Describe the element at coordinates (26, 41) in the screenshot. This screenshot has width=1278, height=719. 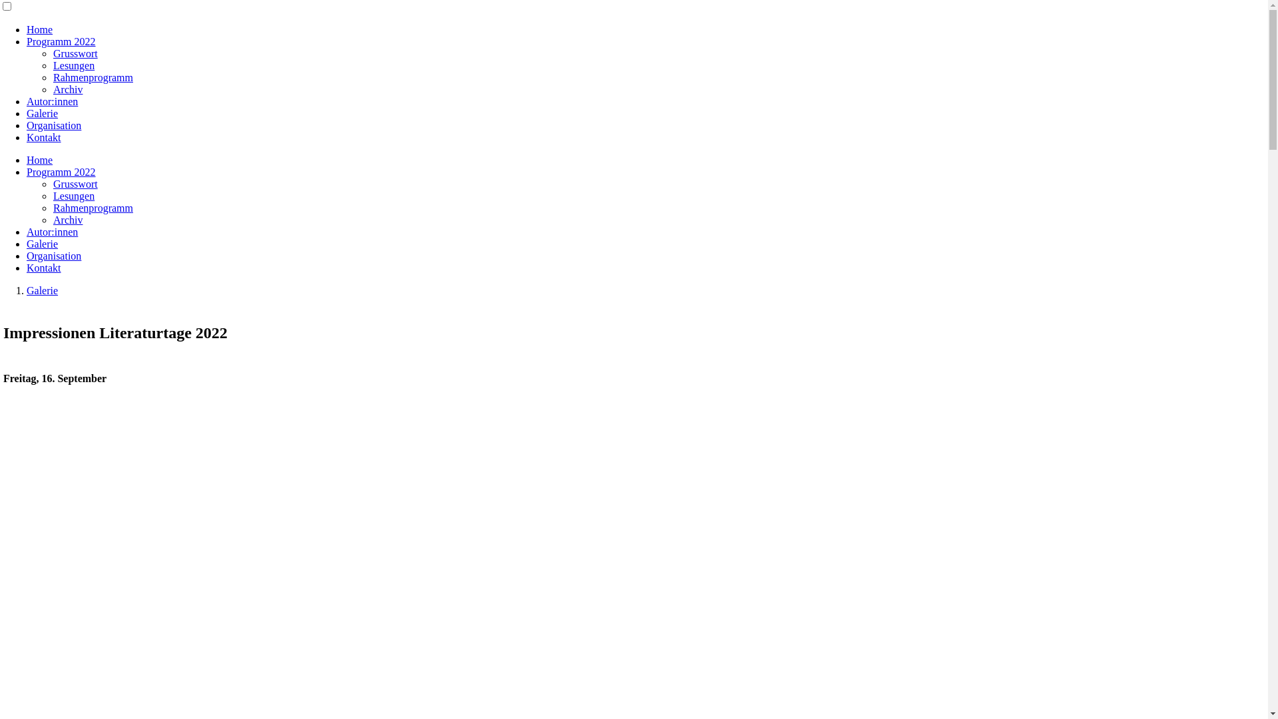
I see `'Programm 2022'` at that location.